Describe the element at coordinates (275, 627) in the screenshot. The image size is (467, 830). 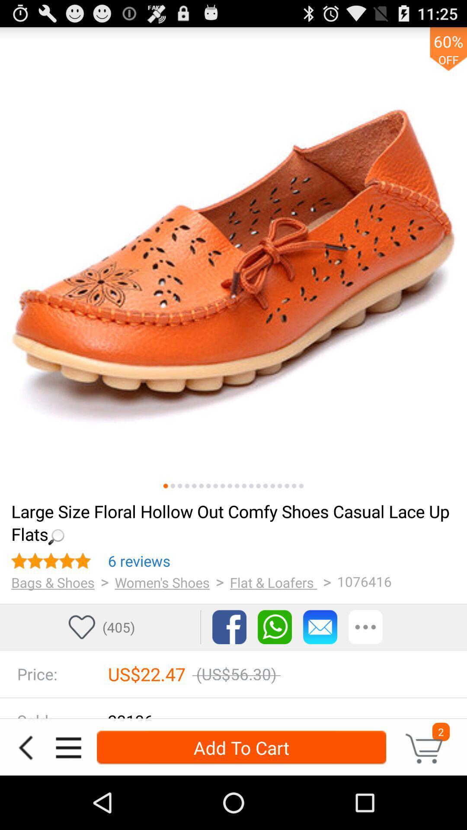
I see `share on whatsapp` at that location.